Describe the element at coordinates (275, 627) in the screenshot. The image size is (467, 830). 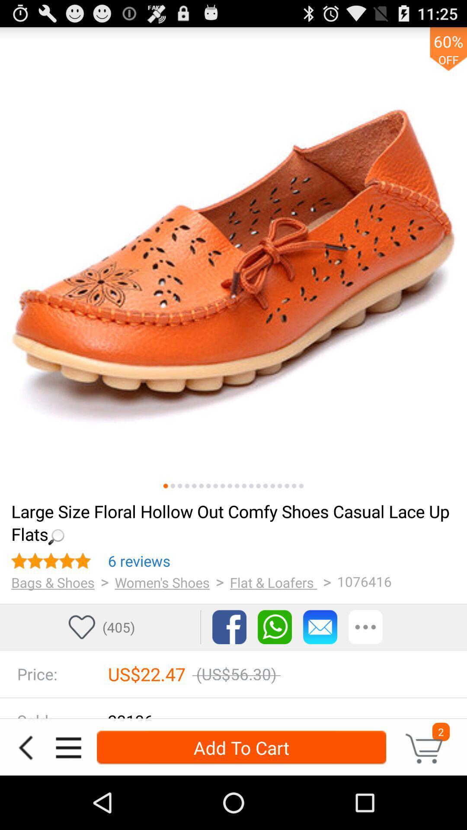
I see `share on whatsapp` at that location.